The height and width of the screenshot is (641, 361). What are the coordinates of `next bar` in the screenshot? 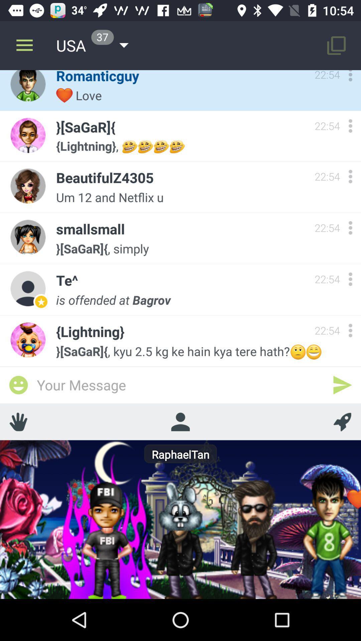 It's located at (342, 385).